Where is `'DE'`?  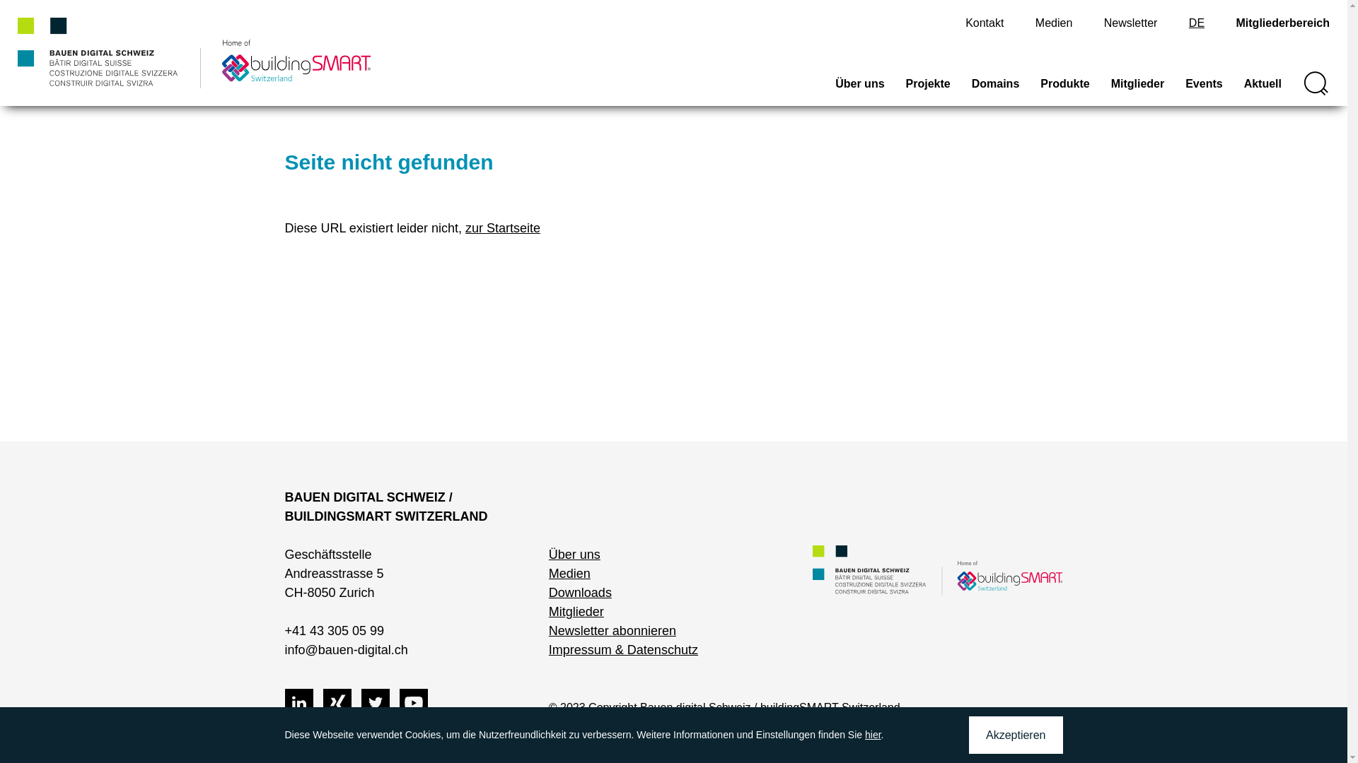 'DE' is located at coordinates (1195, 23).